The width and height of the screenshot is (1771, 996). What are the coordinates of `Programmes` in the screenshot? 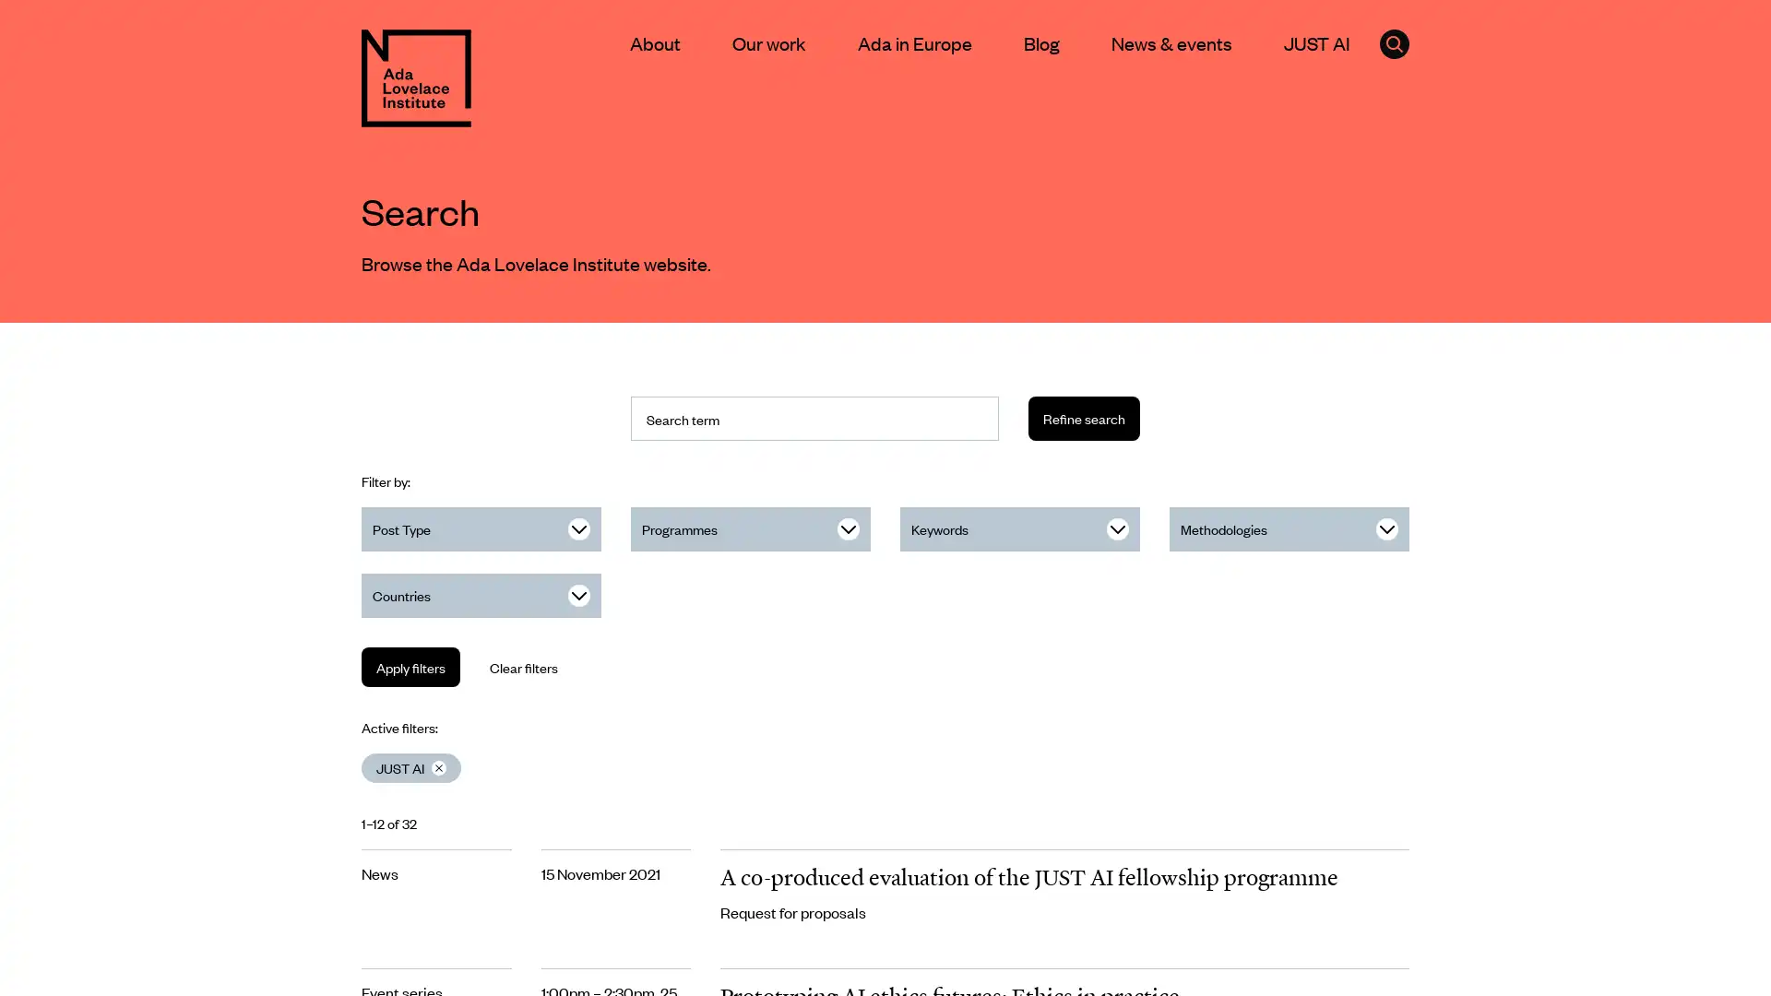 It's located at (751, 529).